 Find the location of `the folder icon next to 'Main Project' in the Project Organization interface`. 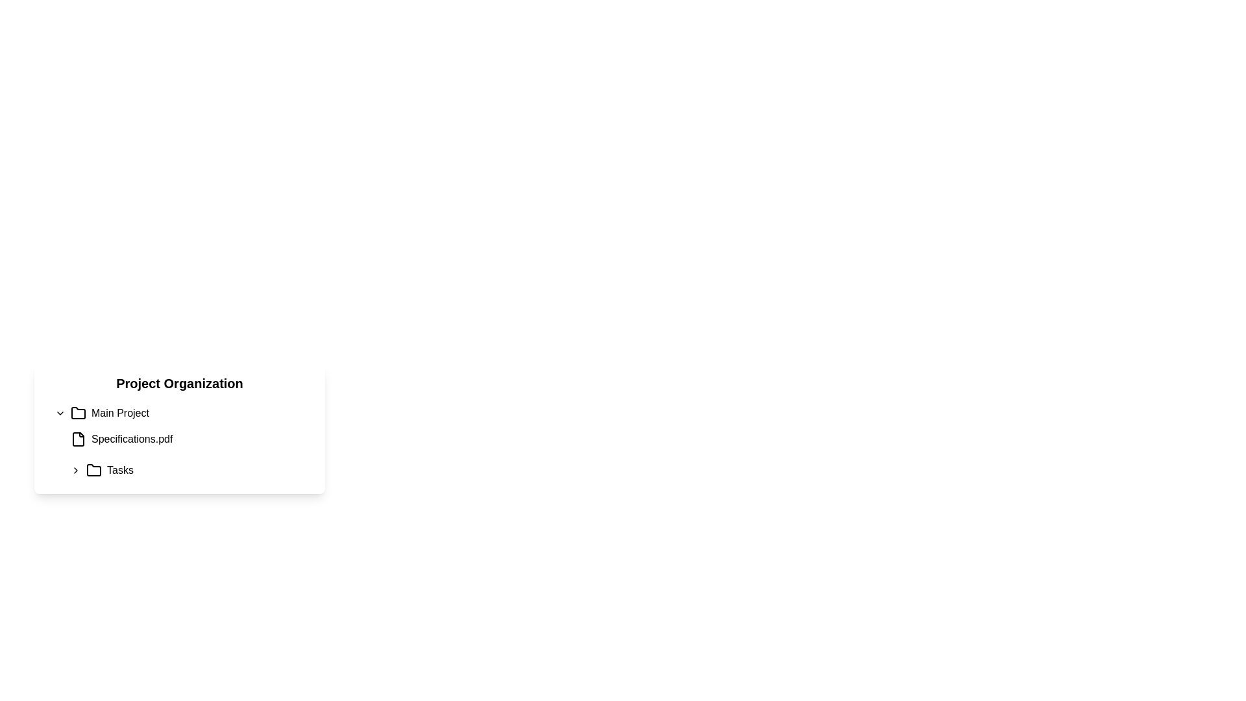

the folder icon next to 'Main Project' in the Project Organization interface is located at coordinates (93, 470).